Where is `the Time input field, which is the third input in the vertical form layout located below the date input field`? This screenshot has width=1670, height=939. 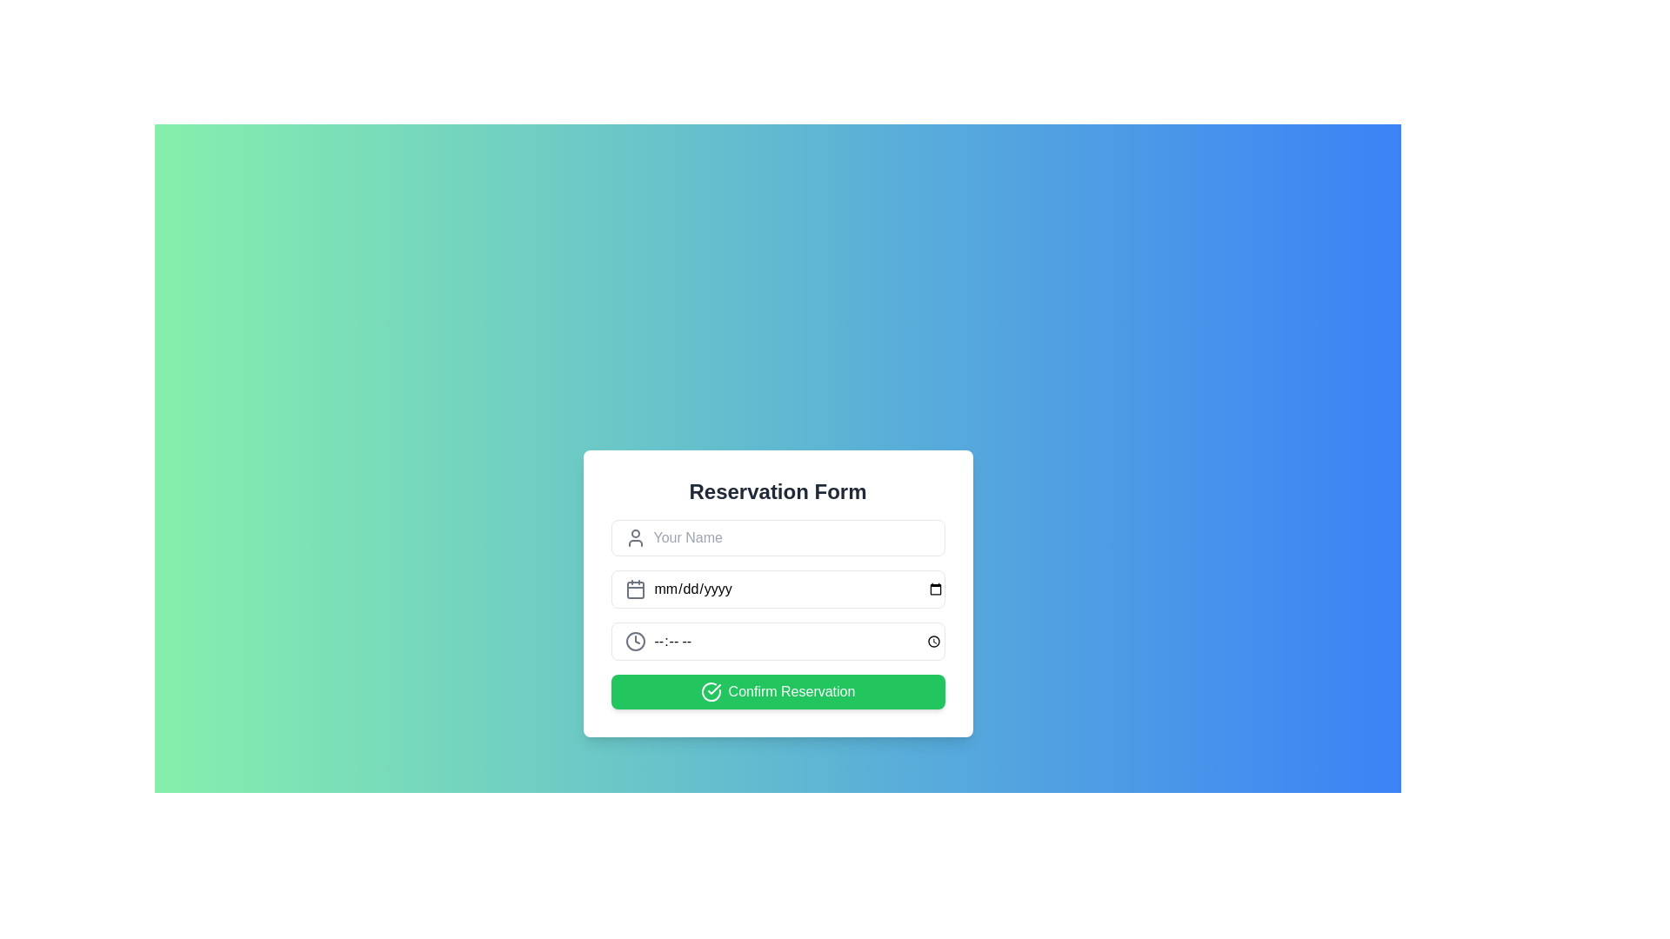 the Time input field, which is the third input in the vertical form layout located below the date input field is located at coordinates (777, 641).